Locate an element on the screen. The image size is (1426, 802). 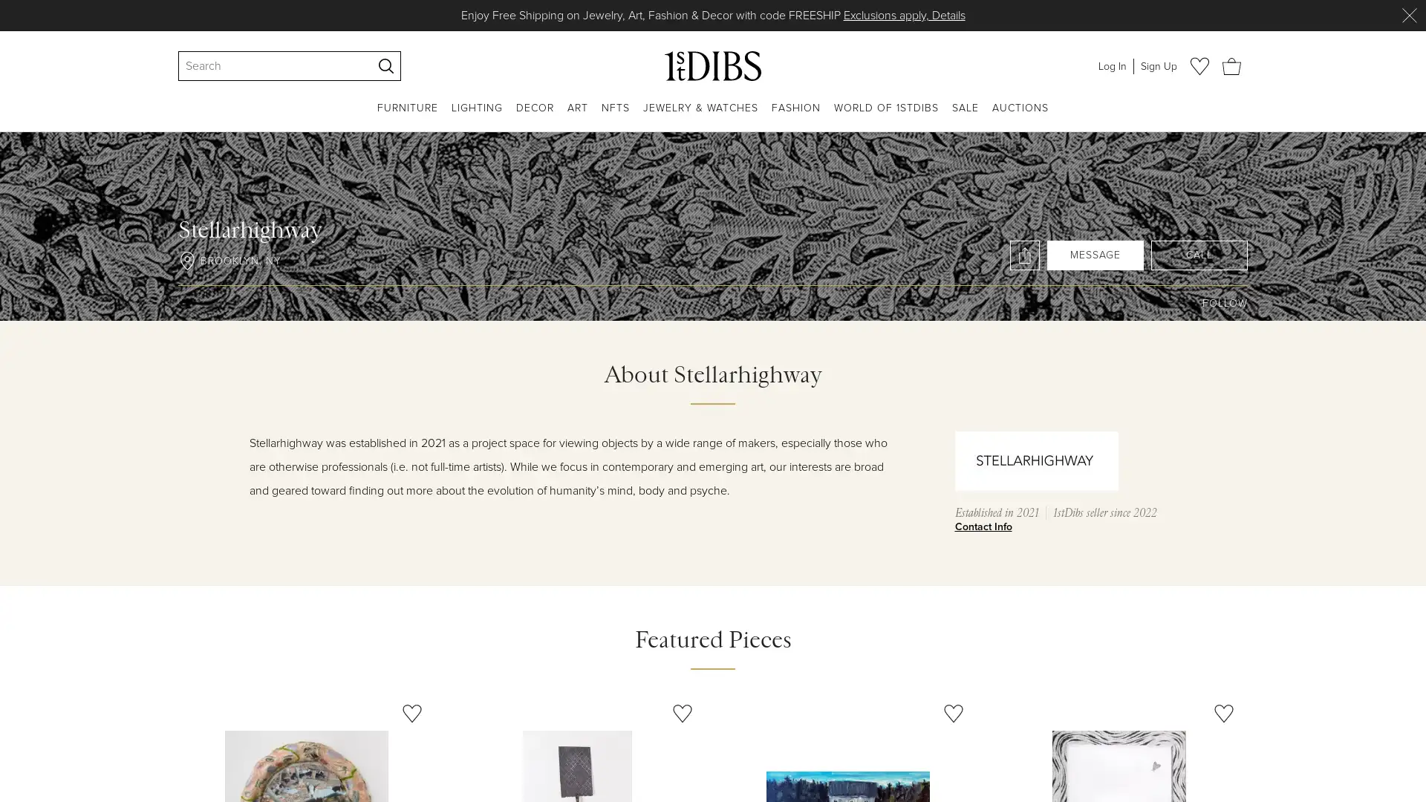
Close is located at coordinates (1408, 15).